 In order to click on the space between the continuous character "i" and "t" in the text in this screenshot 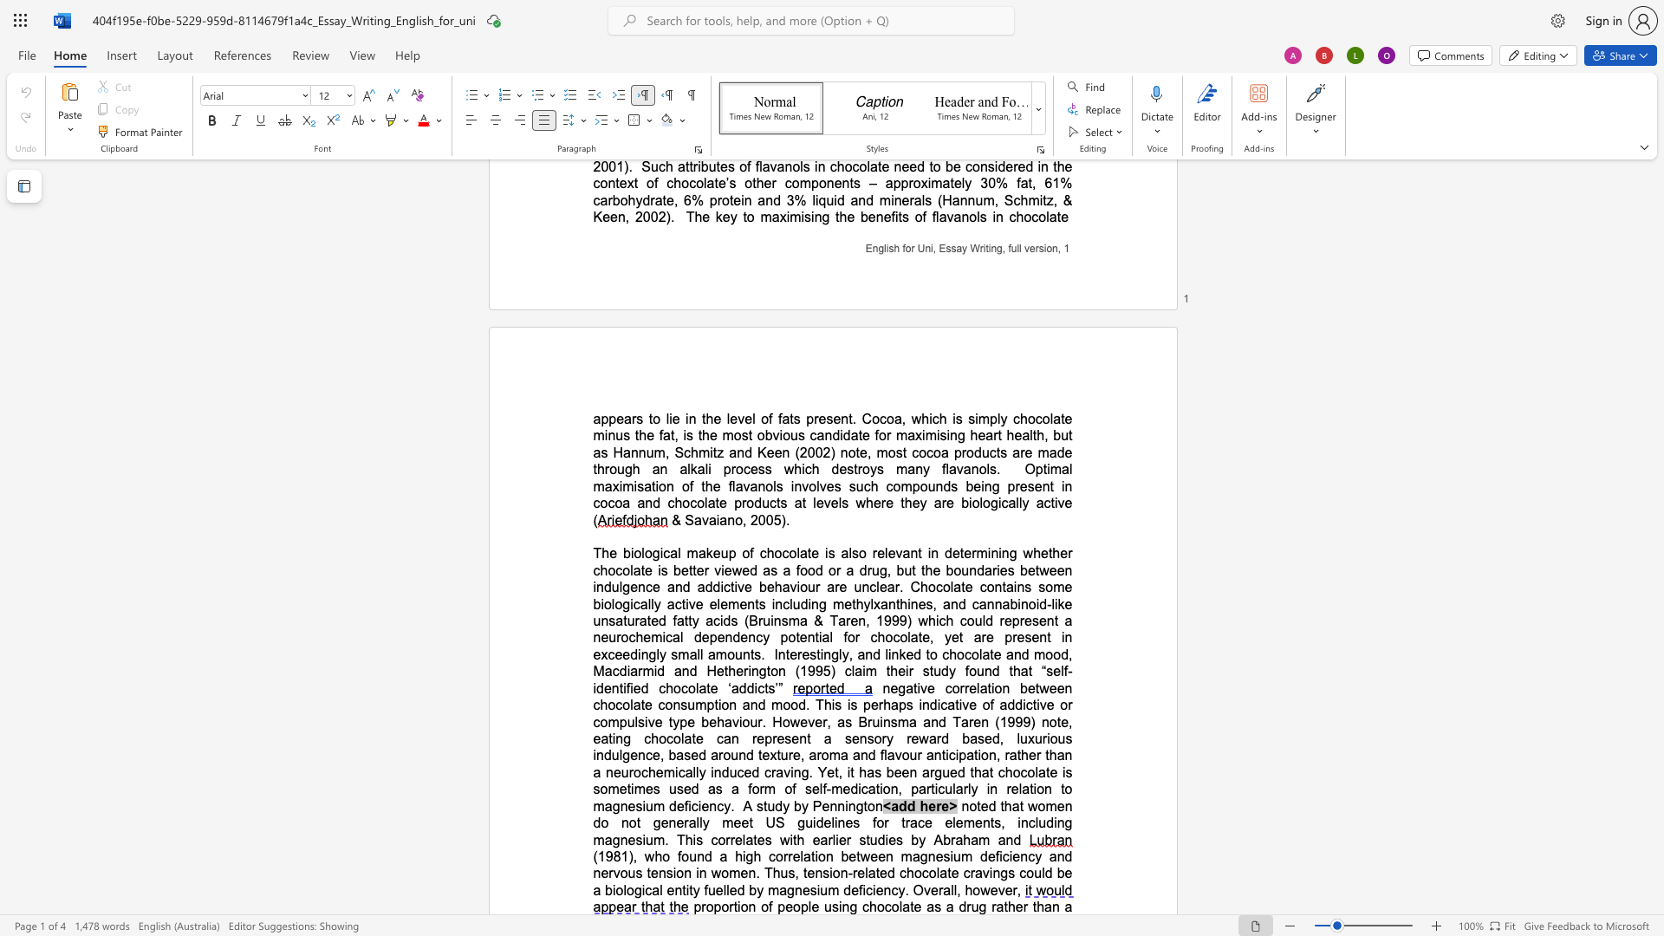, I will do `click(1042, 199)`.